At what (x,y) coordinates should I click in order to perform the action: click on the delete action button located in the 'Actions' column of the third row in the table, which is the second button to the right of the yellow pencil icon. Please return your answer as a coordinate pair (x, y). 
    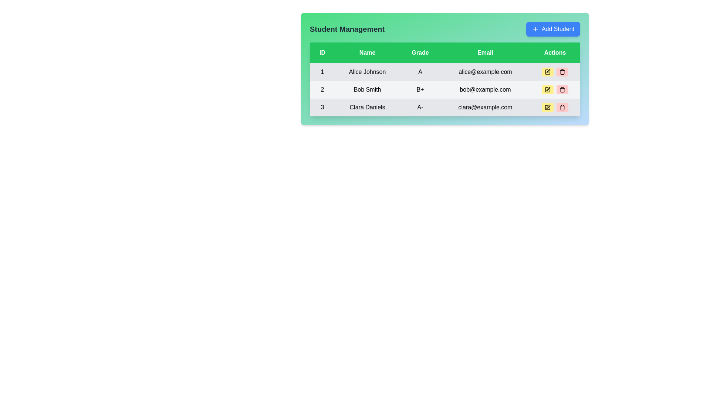
    Looking at the image, I should click on (562, 107).